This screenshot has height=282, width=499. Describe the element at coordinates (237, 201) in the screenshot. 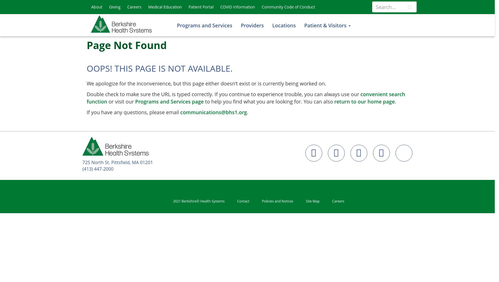

I see `'Contact'` at that location.